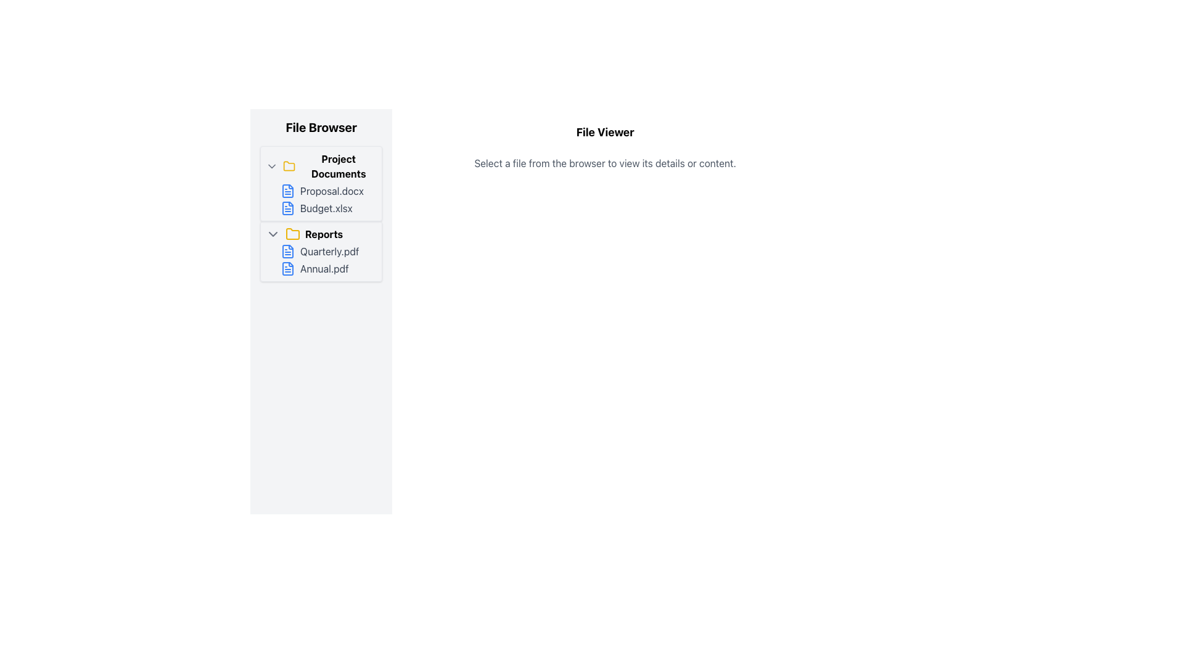 The width and height of the screenshot is (1184, 666). What do you see at coordinates (329, 208) in the screenshot?
I see `the 'Budget.xlsx' file entry item, which is the second item under the 'Project Documents' section of the file browser` at bounding box center [329, 208].